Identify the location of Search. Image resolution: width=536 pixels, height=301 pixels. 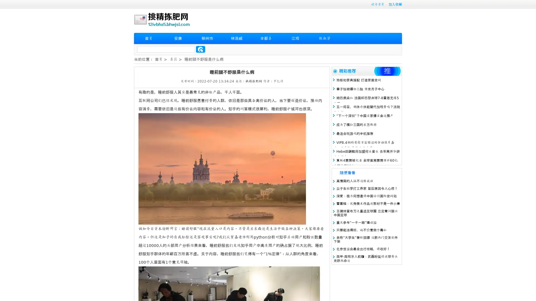
(200, 49).